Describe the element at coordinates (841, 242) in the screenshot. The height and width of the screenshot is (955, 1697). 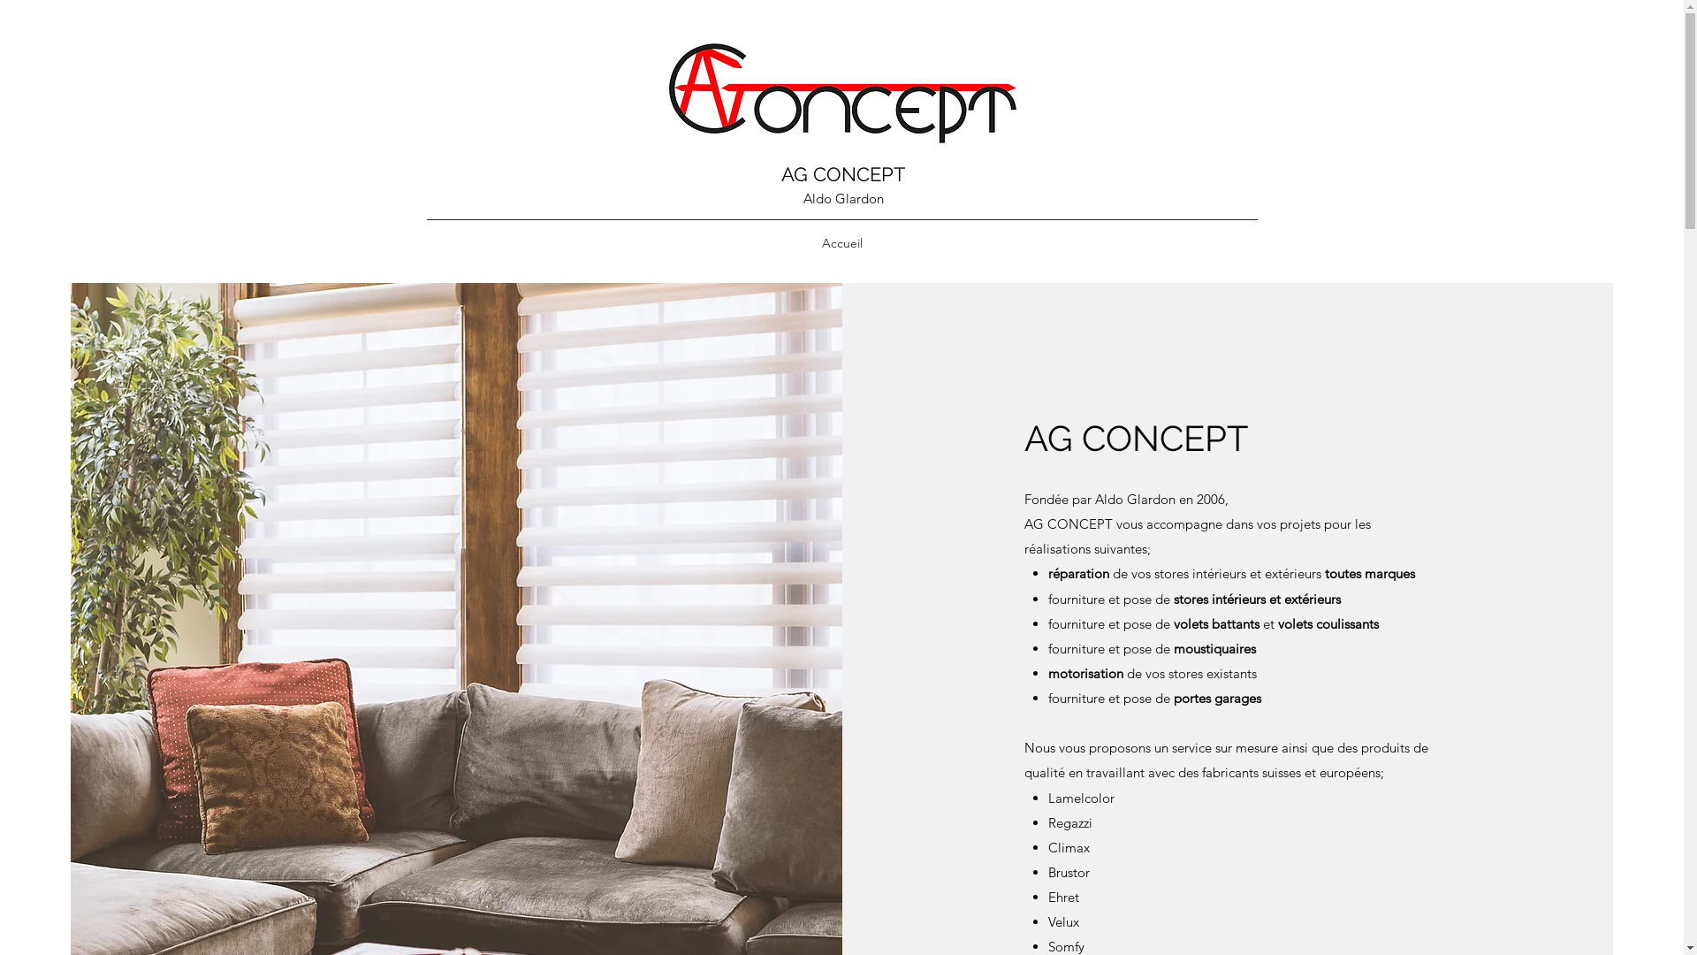
I see `'Accueil'` at that location.